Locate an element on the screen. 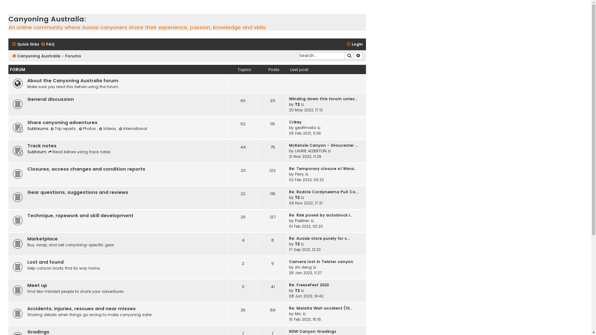 The image size is (596, 335). 'Trip reports' is located at coordinates (64, 128).